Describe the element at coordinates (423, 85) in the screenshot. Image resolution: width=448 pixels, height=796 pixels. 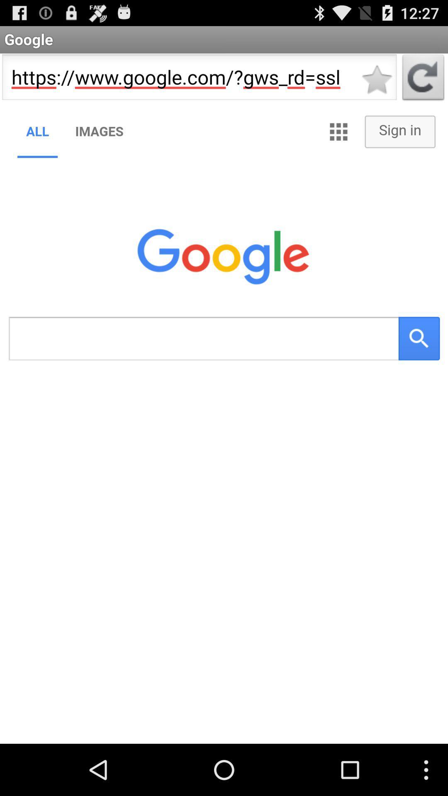
I see `the refresh icon` at that location.